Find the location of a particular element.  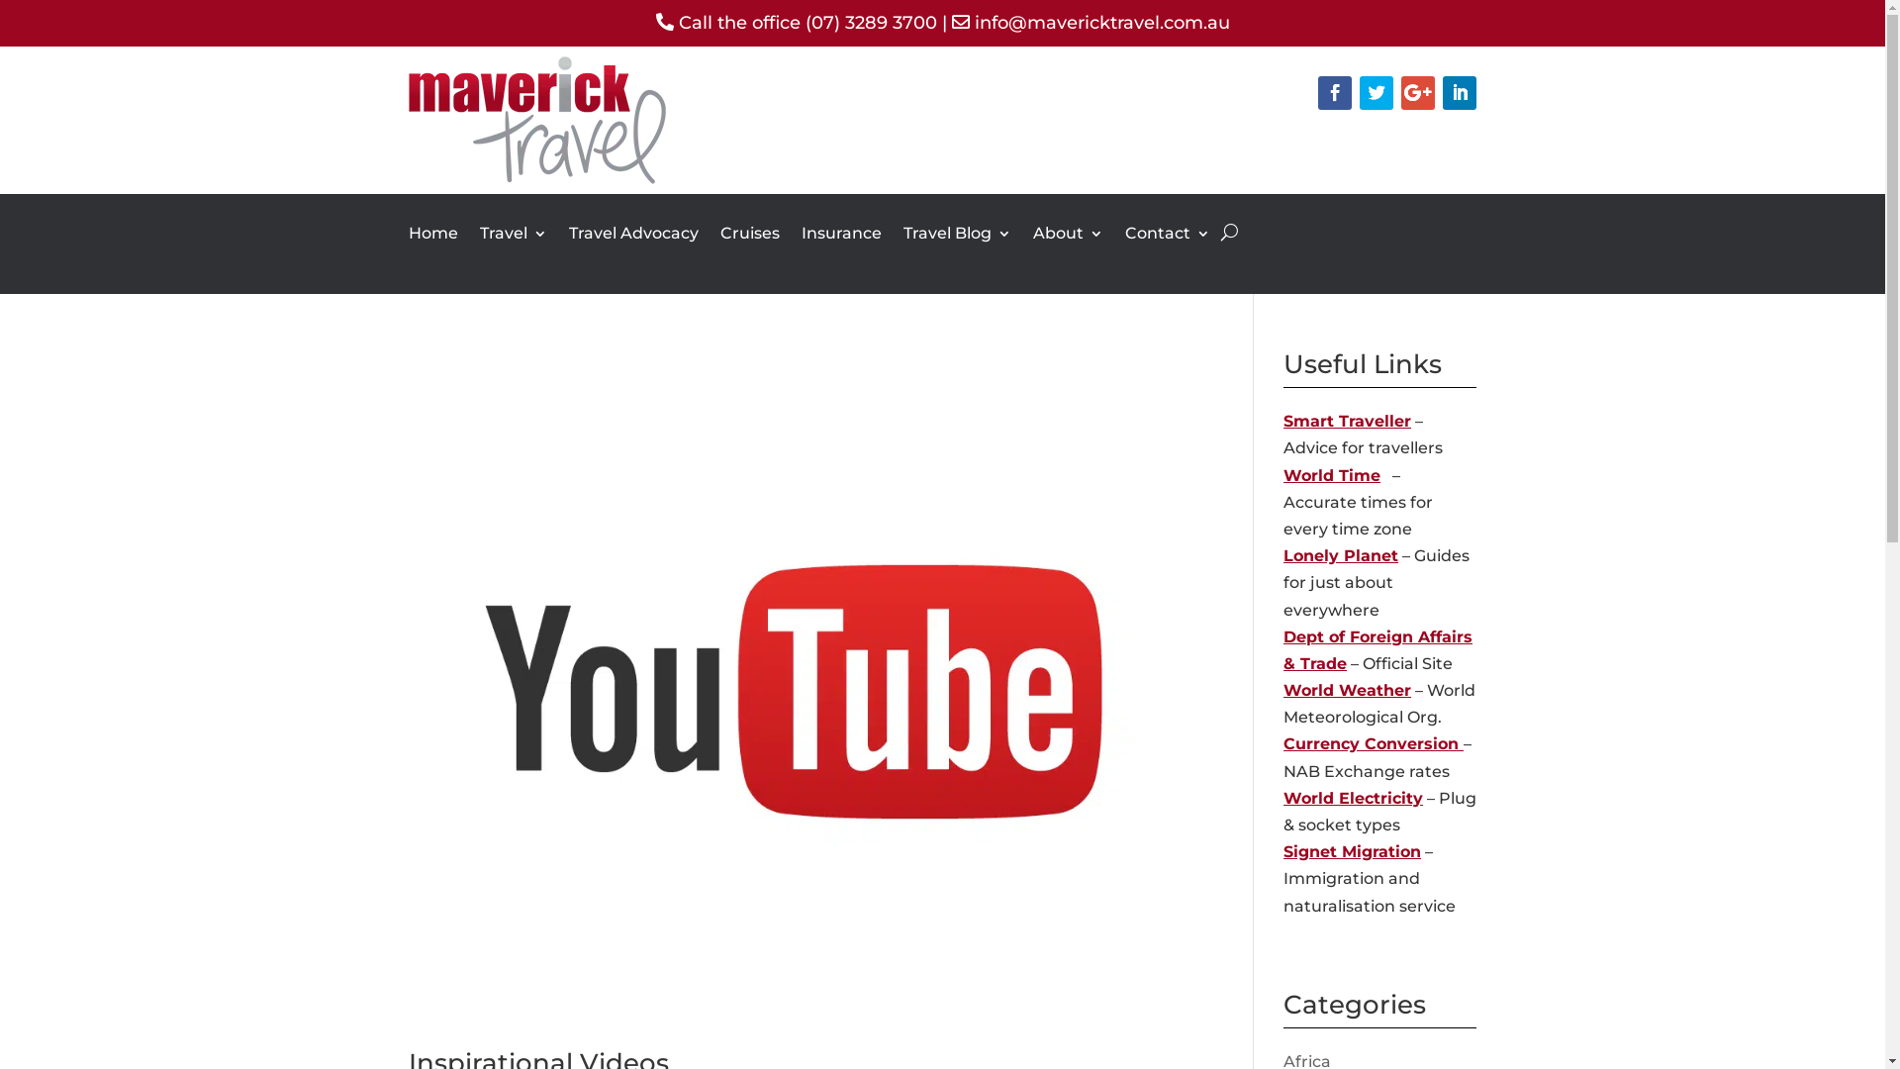

'Follow on Google+' is located at coordinates (1417, 92).